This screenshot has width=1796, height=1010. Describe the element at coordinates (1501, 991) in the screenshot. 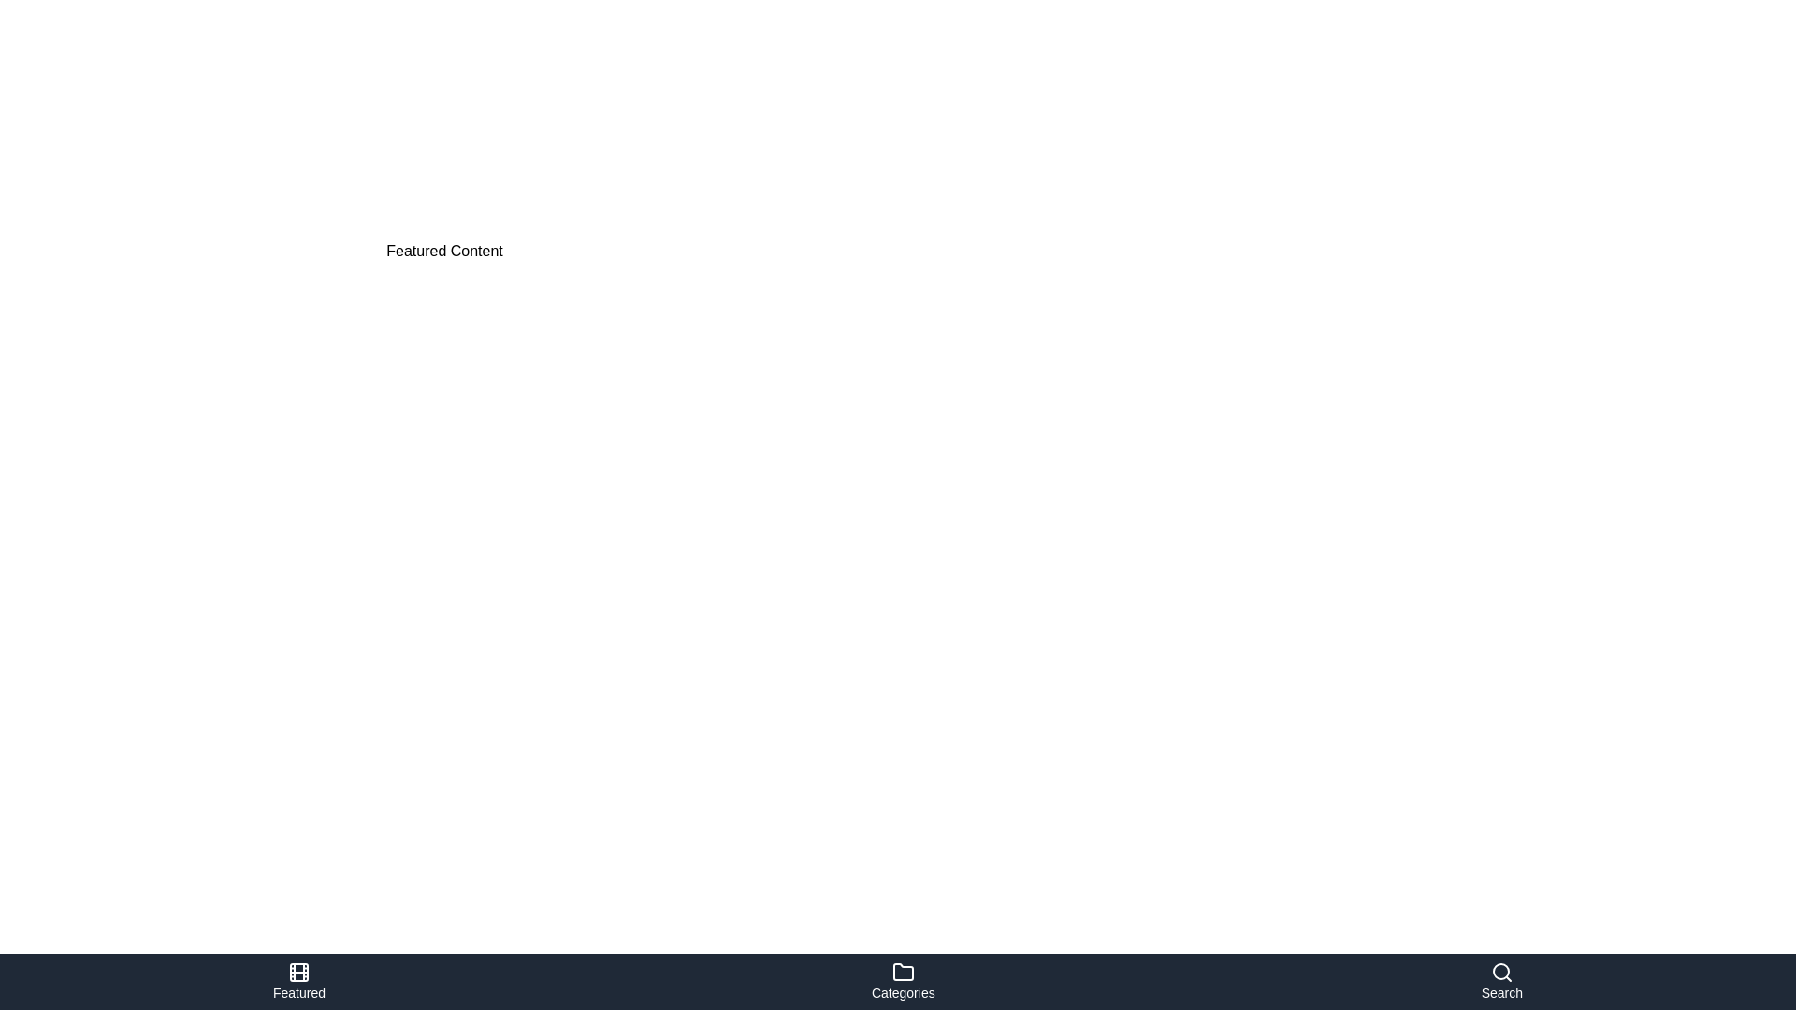

I see `the text label that describes the function of the 'Search' icon located at the bottom navigation bar's far-right corner` at that location.